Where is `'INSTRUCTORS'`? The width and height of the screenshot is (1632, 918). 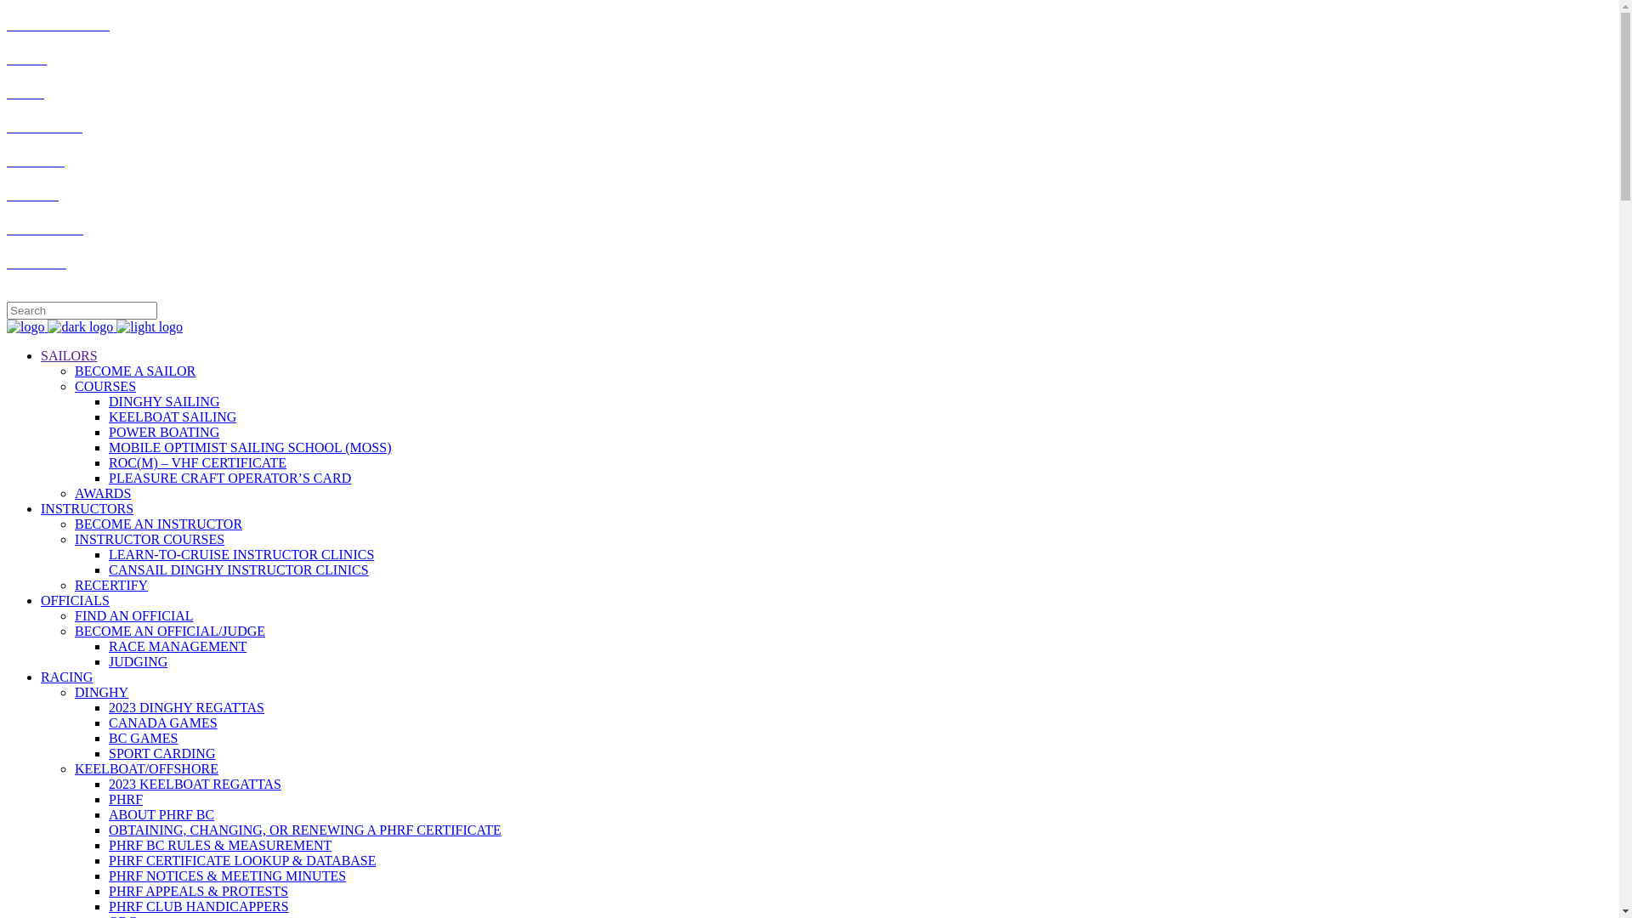 'INSTRUCTORS' is located at coordinates (41, 507).